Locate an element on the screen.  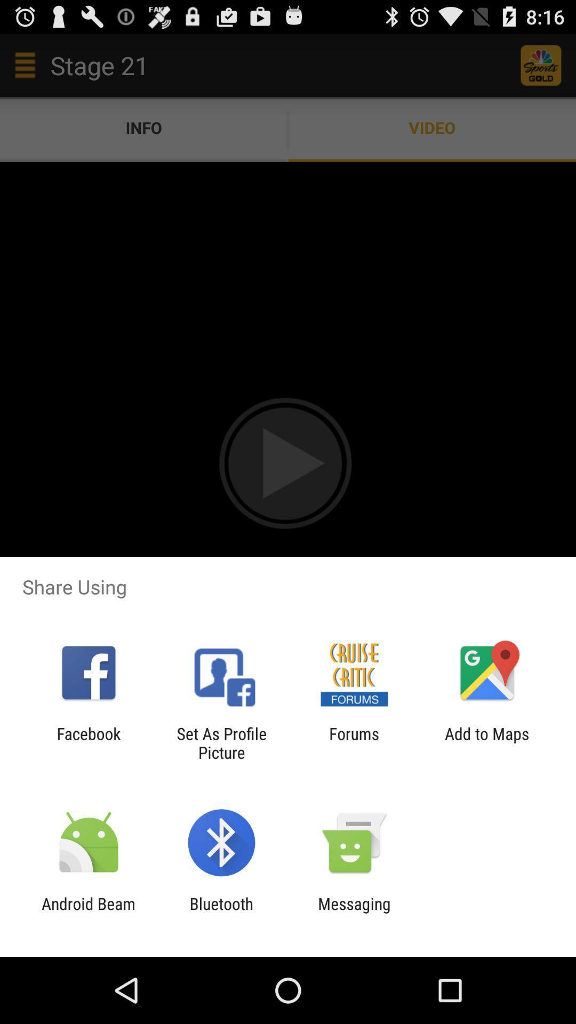
the icon to the left of the forums icon is located at coordinates (221, 742).